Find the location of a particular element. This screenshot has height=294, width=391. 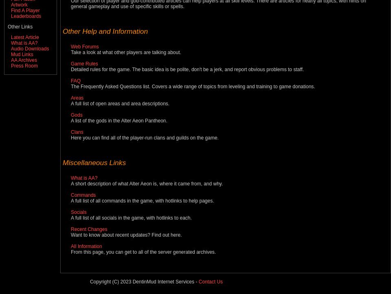

'Other Links' is located at coordinates (20, 27).